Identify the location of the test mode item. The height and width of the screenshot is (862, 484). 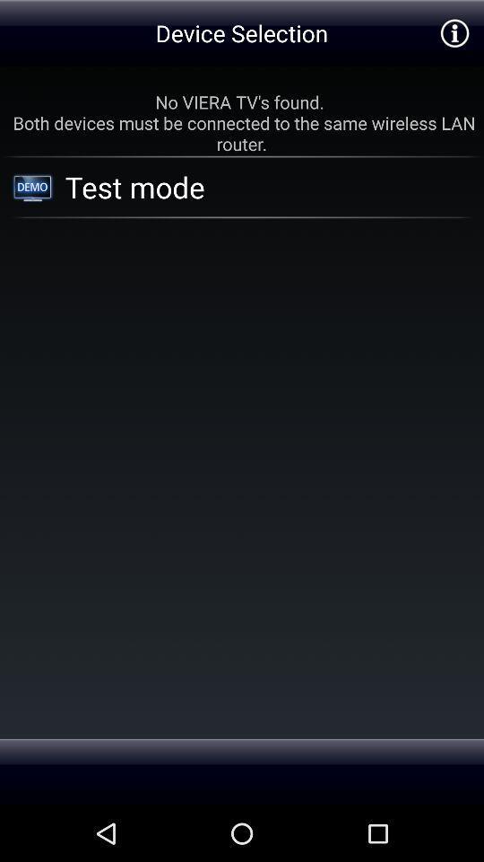
(246, 187).